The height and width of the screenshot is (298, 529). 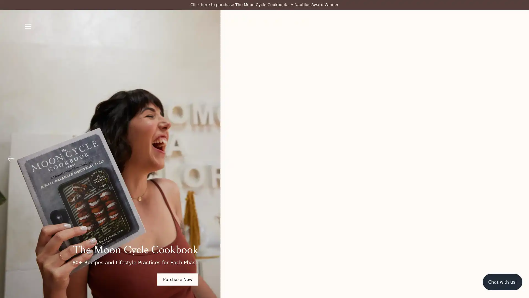 I want to click on Close, so click(x=519, y=211).